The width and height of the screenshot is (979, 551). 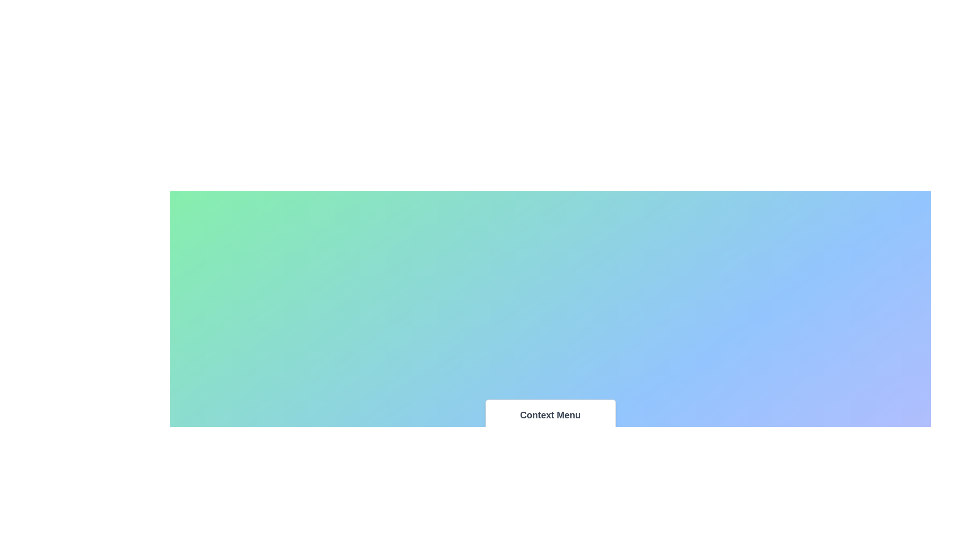 I want to click on the menu item Documents to highlight it, so click(x=550, y=440).